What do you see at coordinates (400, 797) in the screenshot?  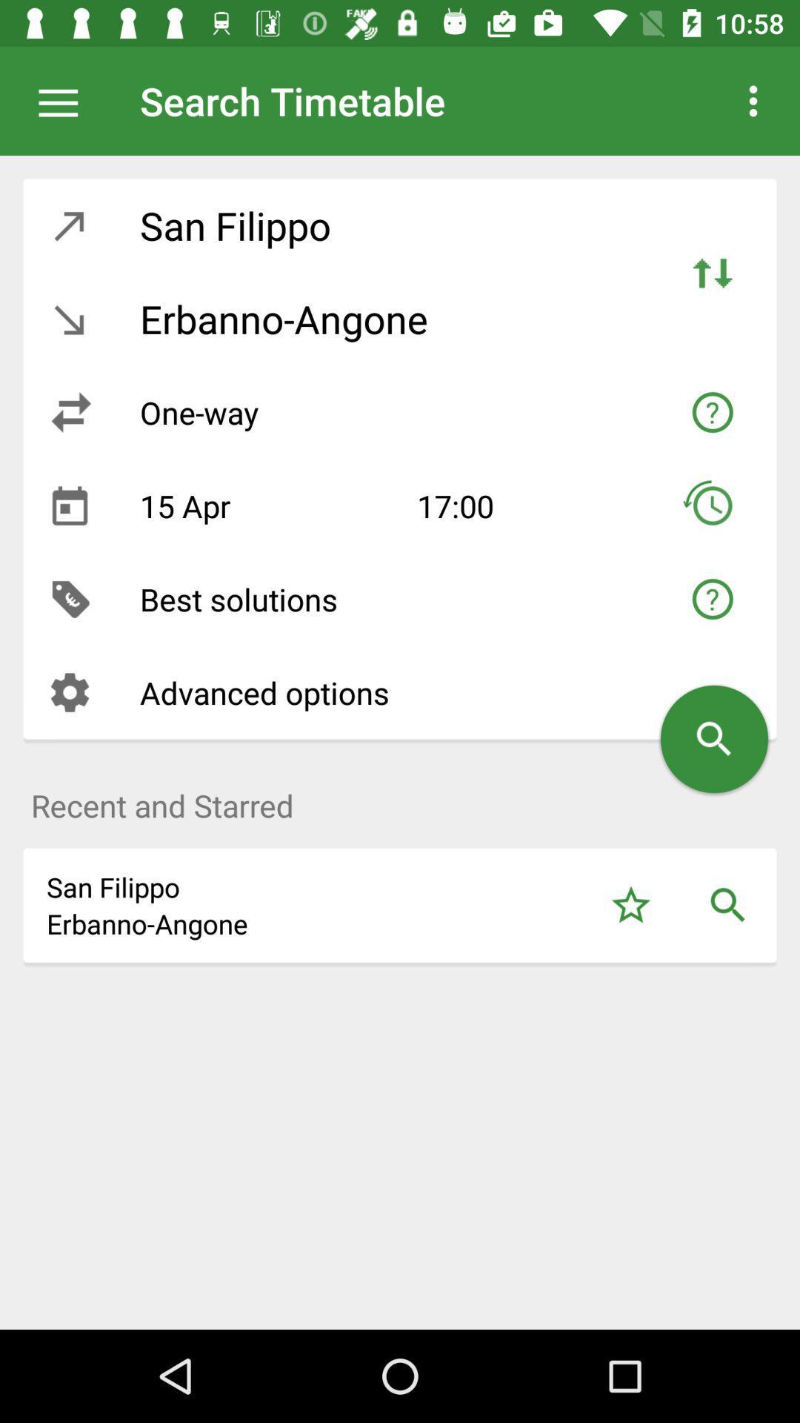 I see `recent and starred icon` at bounding box center [400, 797].